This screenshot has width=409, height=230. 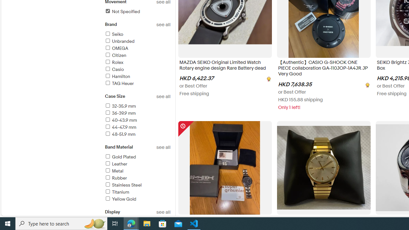 What do you see at coordinates (116, 178) in the screenshot?
I see `'Rubber'` at bounding box center [116, 178].